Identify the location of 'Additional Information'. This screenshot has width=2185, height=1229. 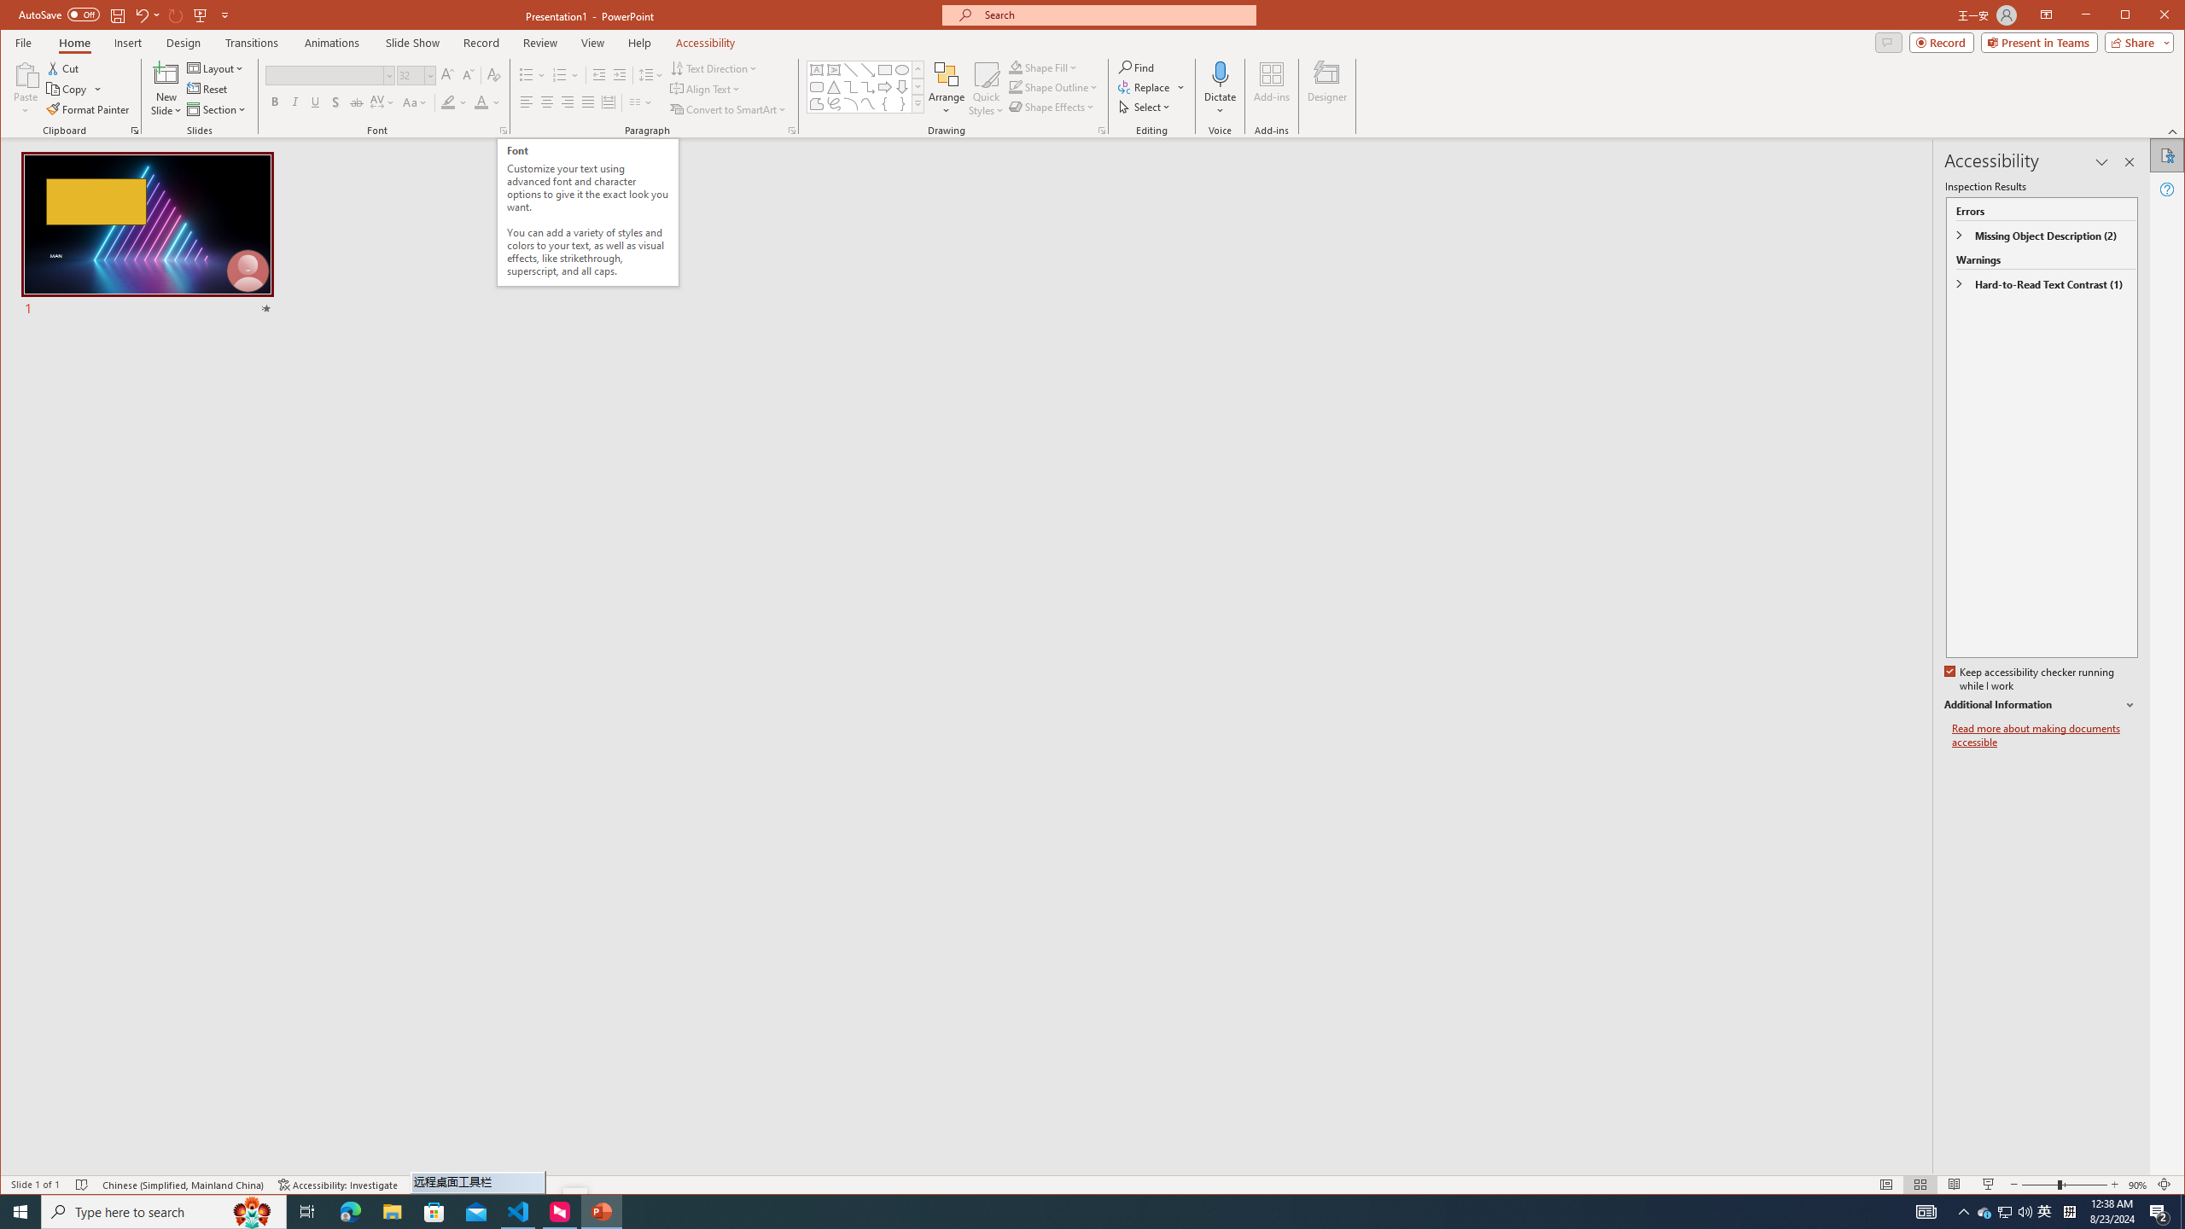
(2042, 705).